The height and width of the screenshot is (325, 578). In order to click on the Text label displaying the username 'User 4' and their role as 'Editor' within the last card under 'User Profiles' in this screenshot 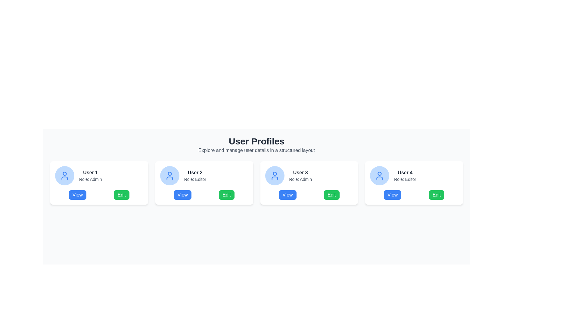, I will do `click(405, 175)`.